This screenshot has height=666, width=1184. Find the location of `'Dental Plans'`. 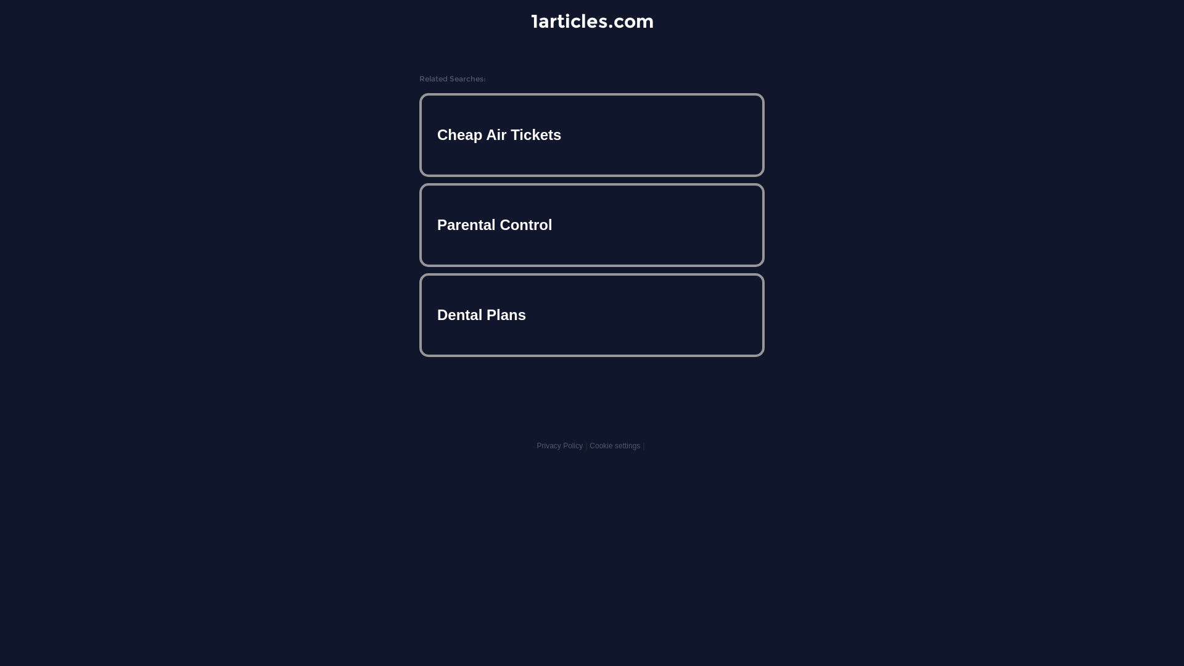

'Dental Plans' is located at coordinates (592, 314).